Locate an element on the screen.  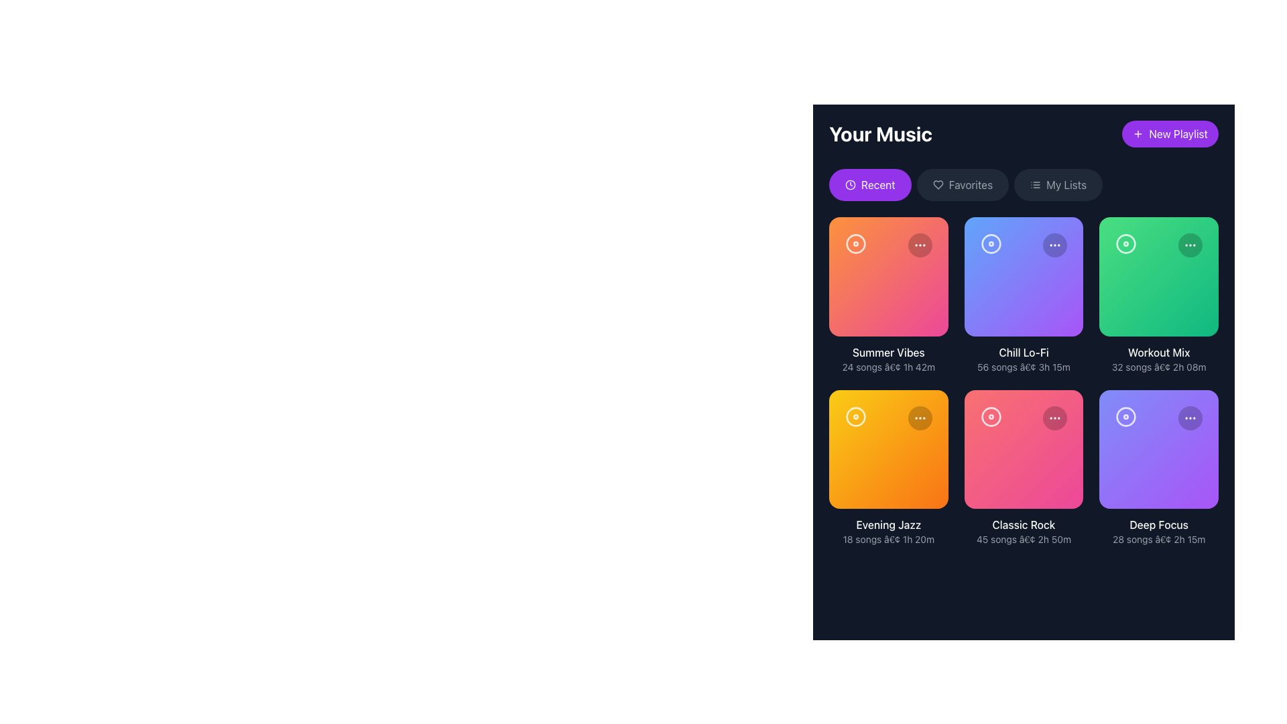
text content of the 'Workout Mix' label, which is a white text label displayed beneath a green playlist card in the 'Your Music' section is located at coordinates (1158, 351).